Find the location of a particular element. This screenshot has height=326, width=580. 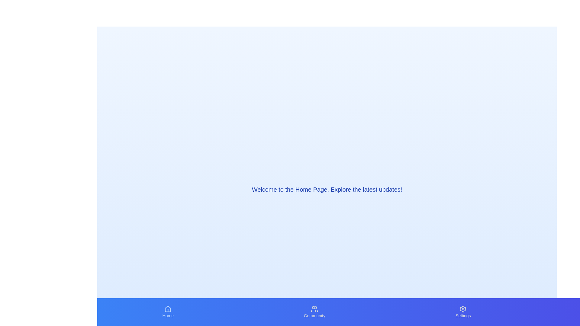

the circular gear icon in the bottom navigation bar is located at coordinates (463, 309).